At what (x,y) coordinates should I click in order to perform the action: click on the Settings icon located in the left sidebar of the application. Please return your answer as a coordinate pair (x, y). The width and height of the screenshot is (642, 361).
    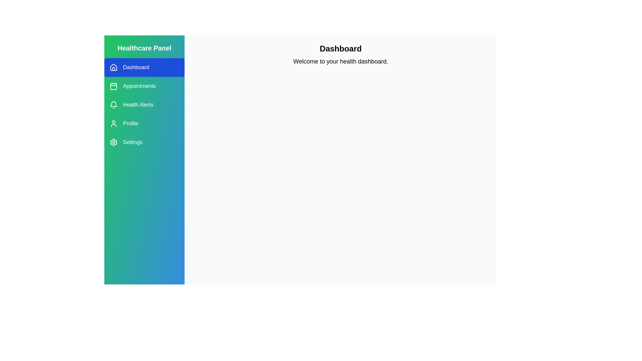
    Looking at the image, I should click on (114, 142).